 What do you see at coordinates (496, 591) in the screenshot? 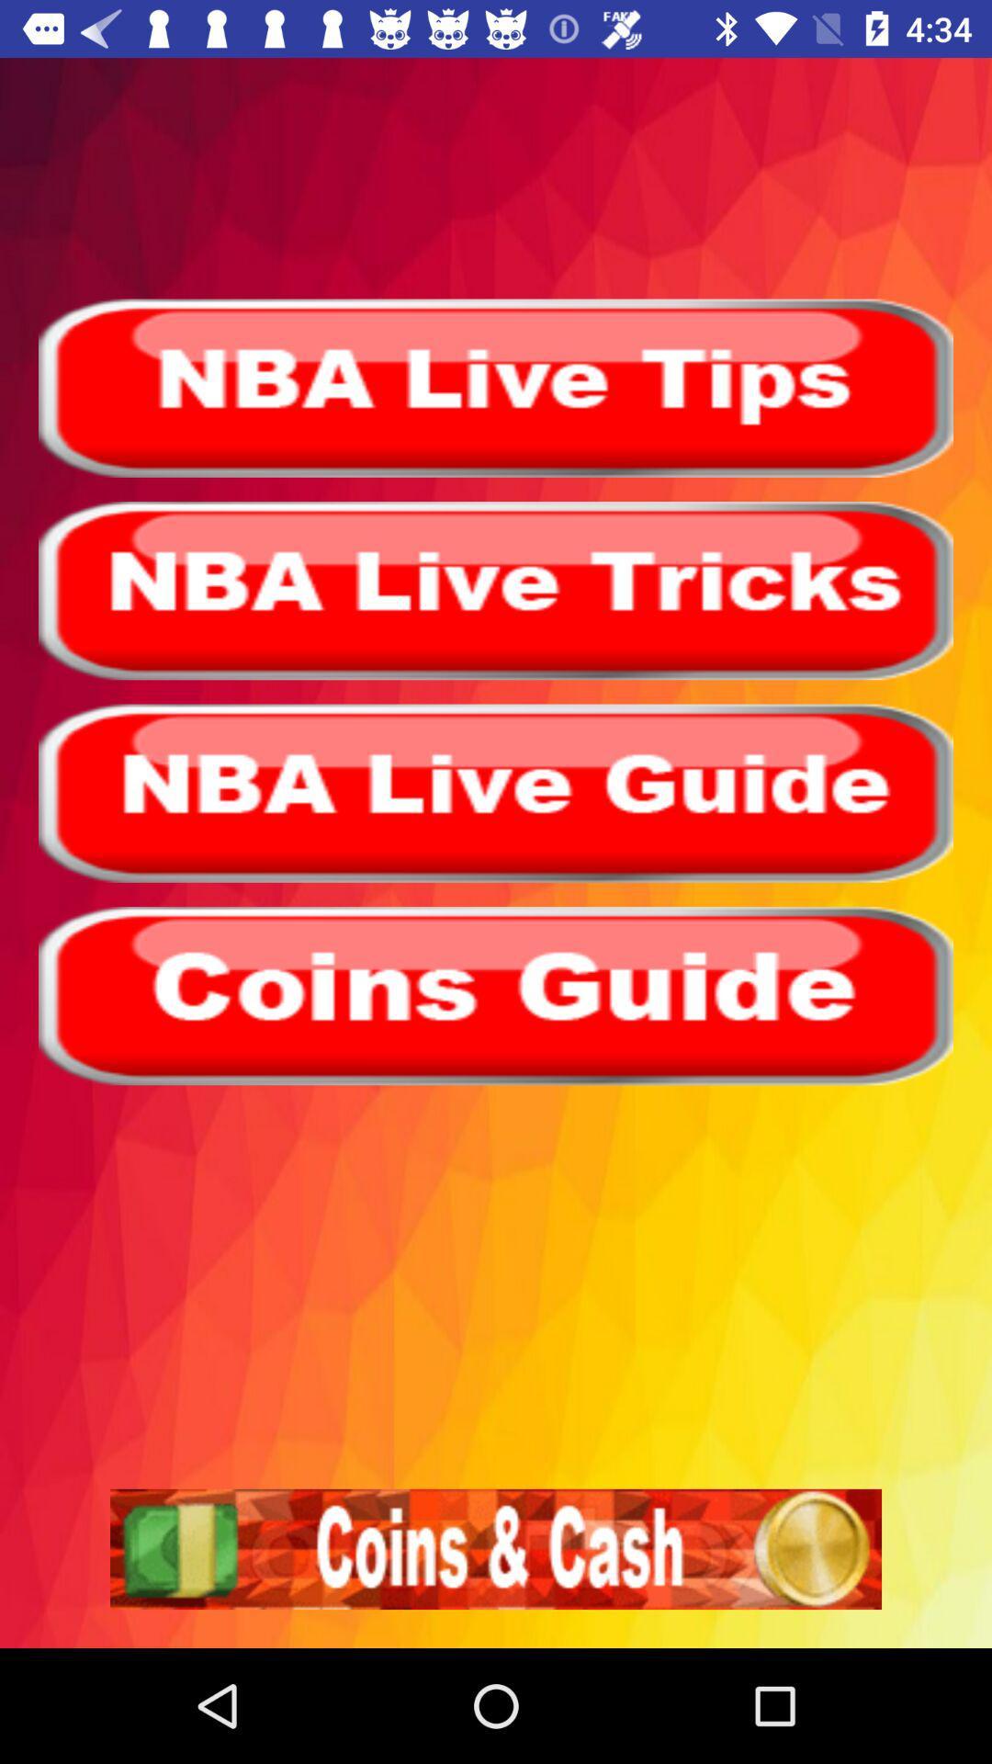
I see `click for nba live tricks` at bounding box center [496, 591].